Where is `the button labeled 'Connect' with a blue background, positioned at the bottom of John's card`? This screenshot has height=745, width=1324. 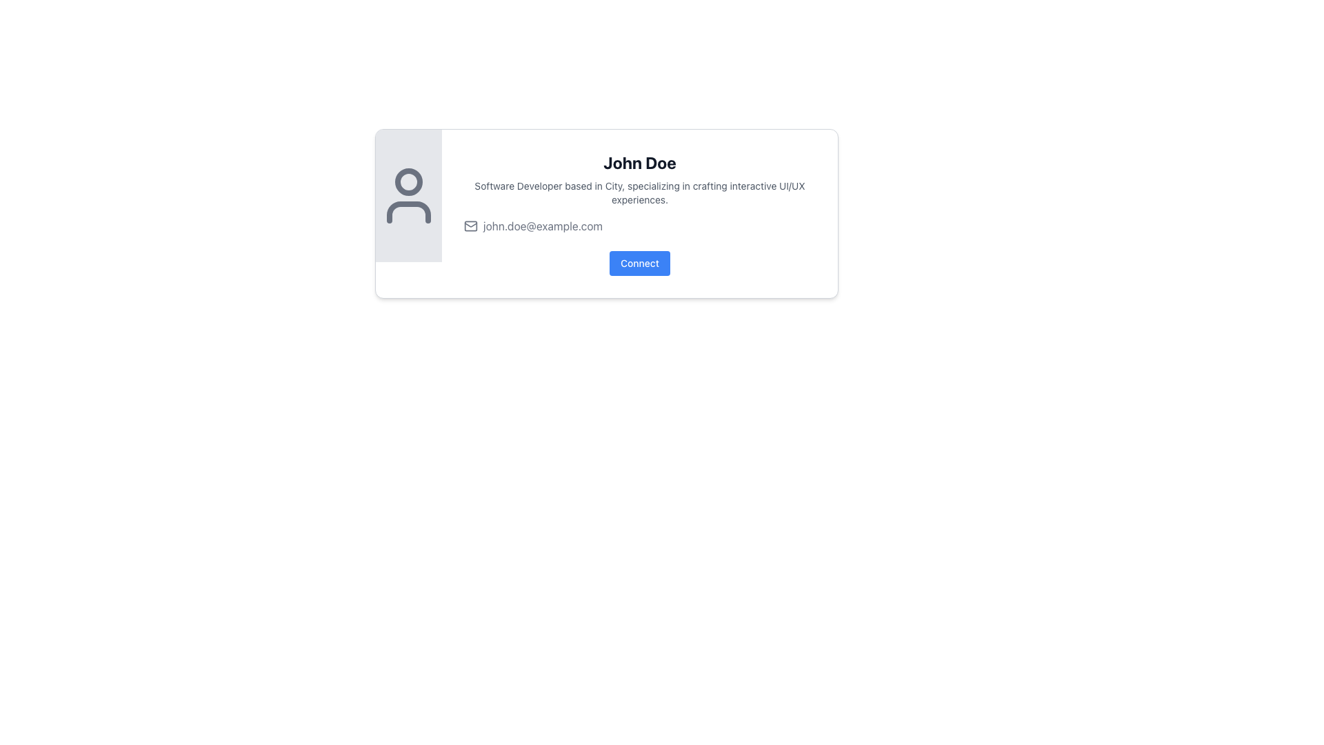
the button labeled 'Connect' with a blue background, positioned at the bottom of John's card is located at coordinates (639, 263).